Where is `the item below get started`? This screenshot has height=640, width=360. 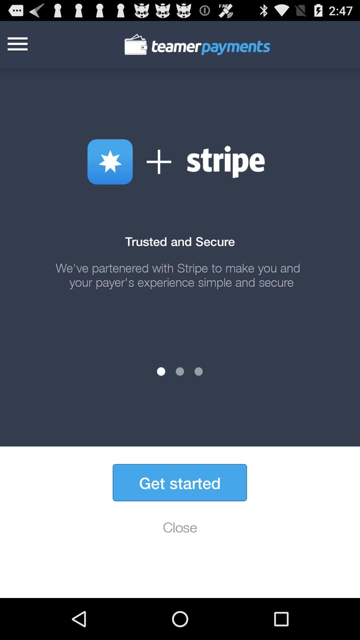
the item below get started is located at coordinates (180, 527).